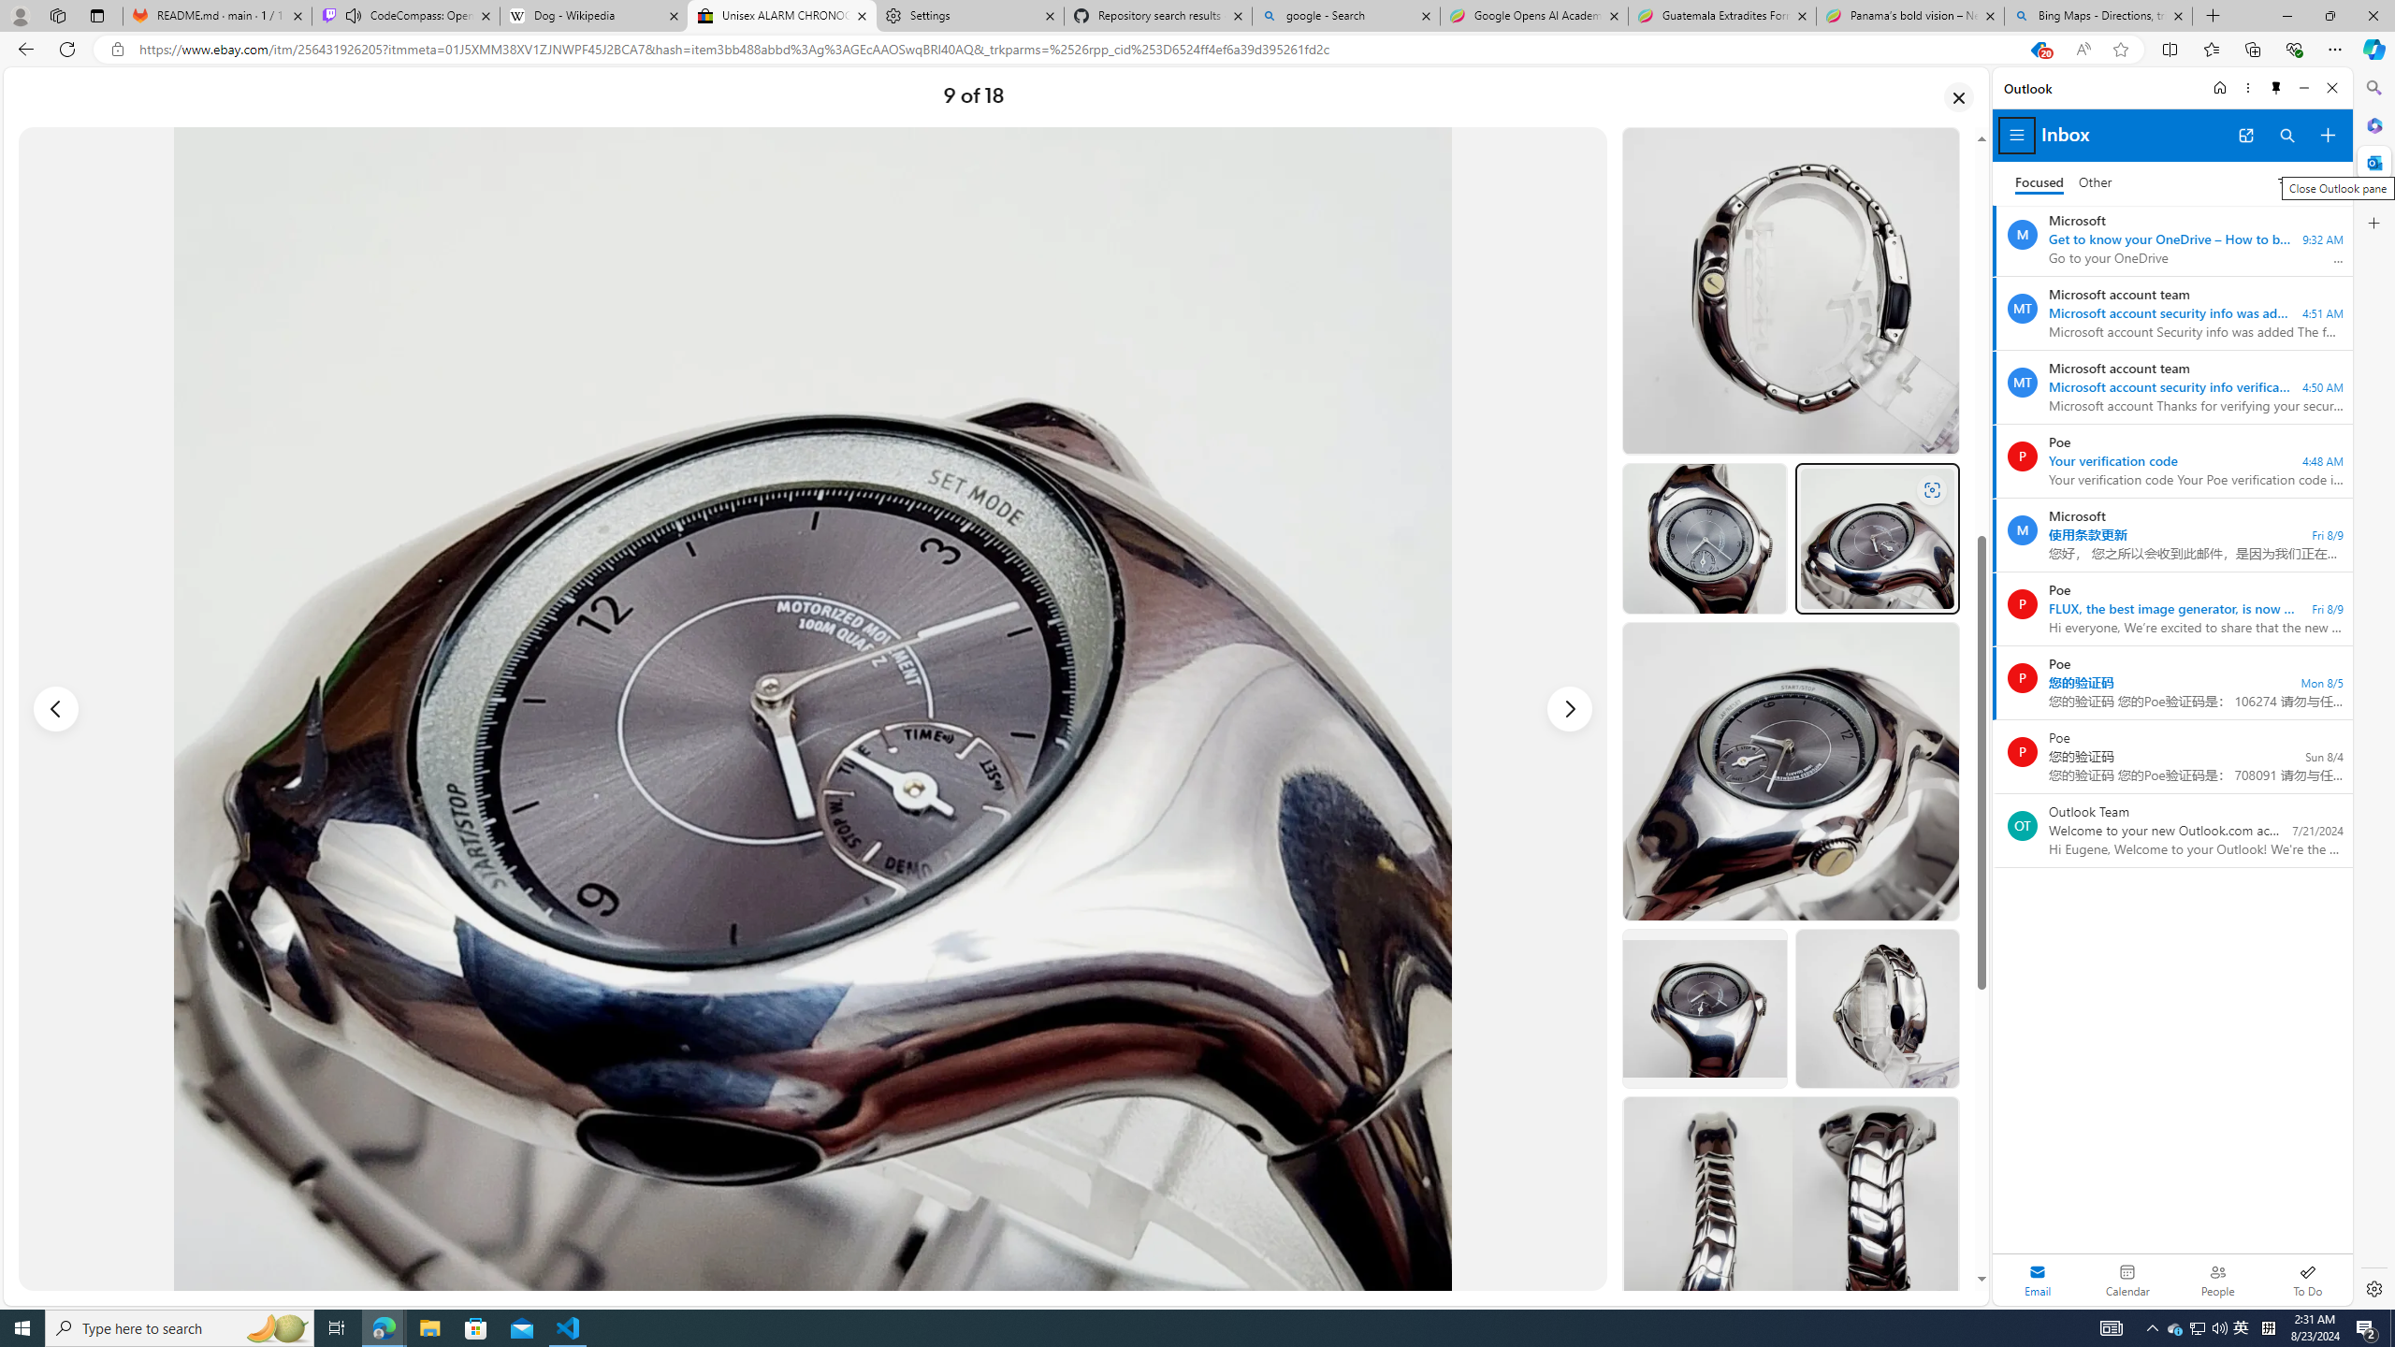 This screenshot has width=2395, height=1347. I want to click on 'Folder navigation', so click(2016, 136).